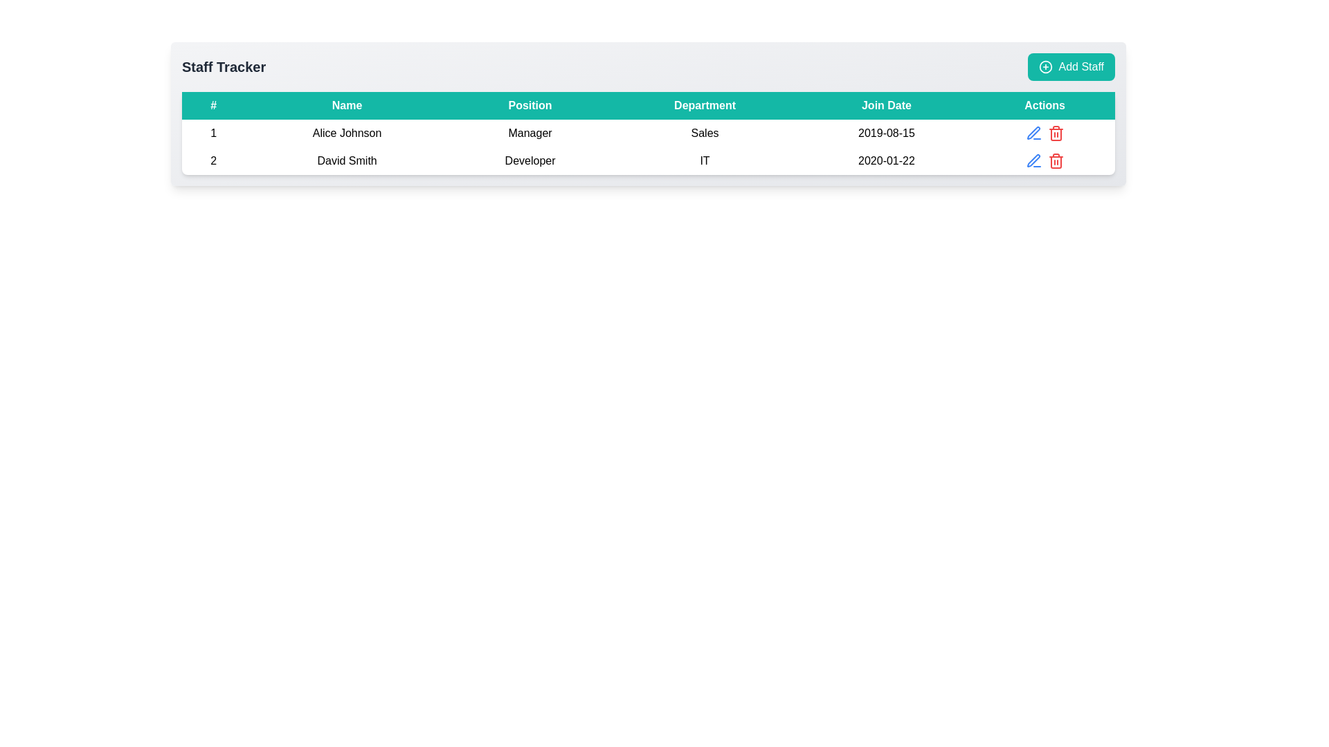 Image resolution: width=1329 pixels, height=747 pixels. What do you see at coordinates (887, 160) in the screenshot?
I see `the Text Cell displaying the joining date of an employee in the staff tracker application, located in the second row under the 'Join Date' column` at bounding box center [887, 160].